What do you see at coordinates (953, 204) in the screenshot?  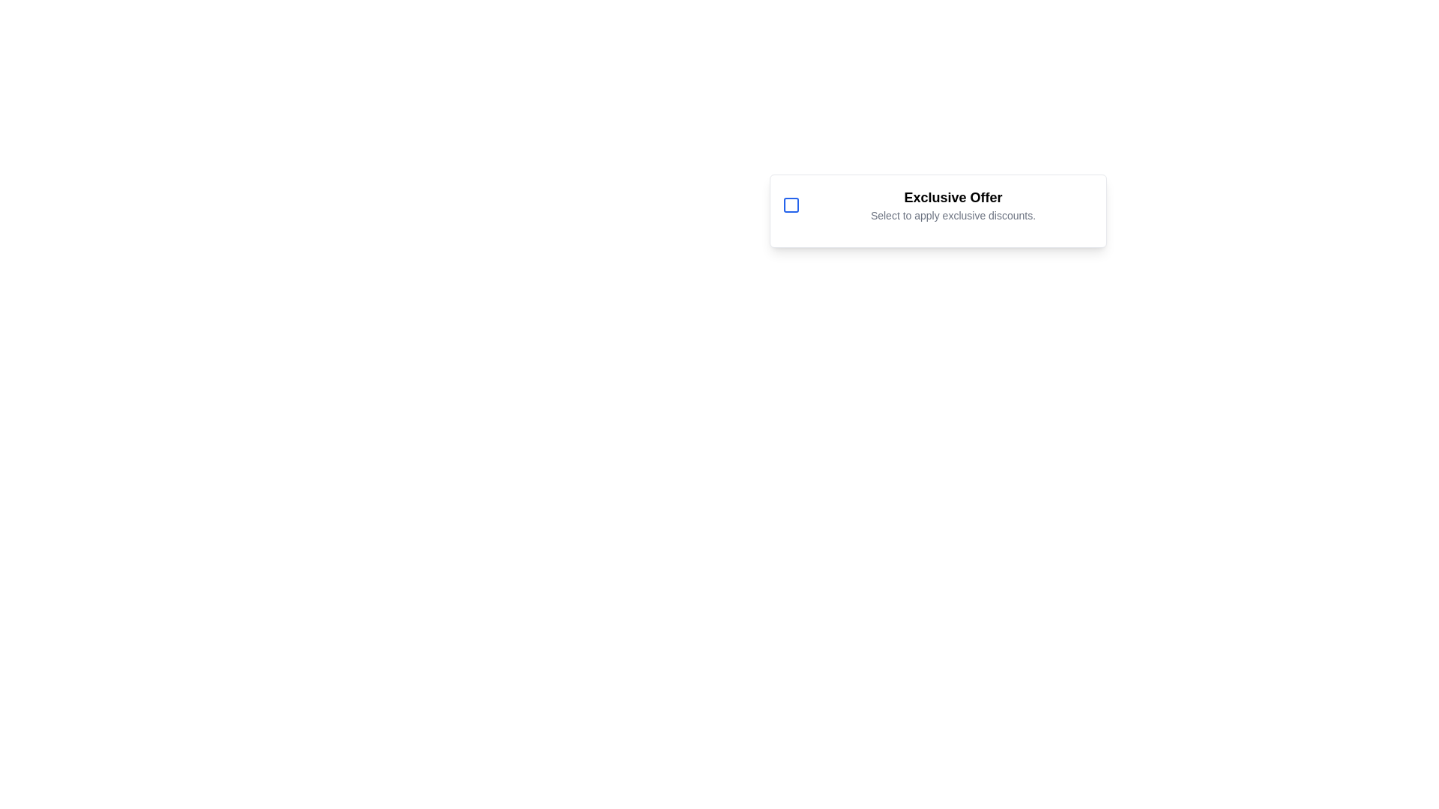 I see `informational text component displaying the heading 'Exclusive Offer' and the description 'Select to apply exclusive discounts.'` at bounding box center [953, 204].